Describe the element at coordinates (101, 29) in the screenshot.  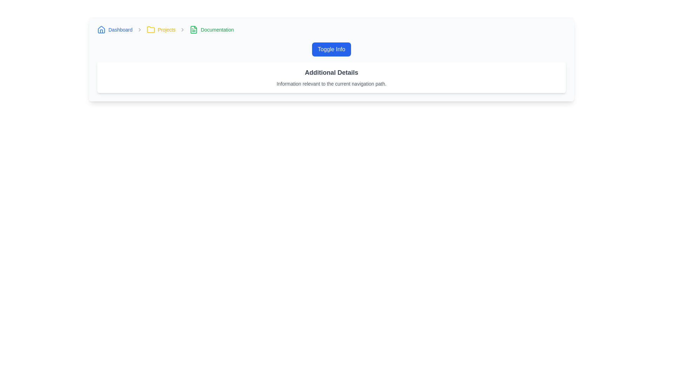
I see `the home navigation icon button located at the far left of the breadcrumb navigation bar` at that location.